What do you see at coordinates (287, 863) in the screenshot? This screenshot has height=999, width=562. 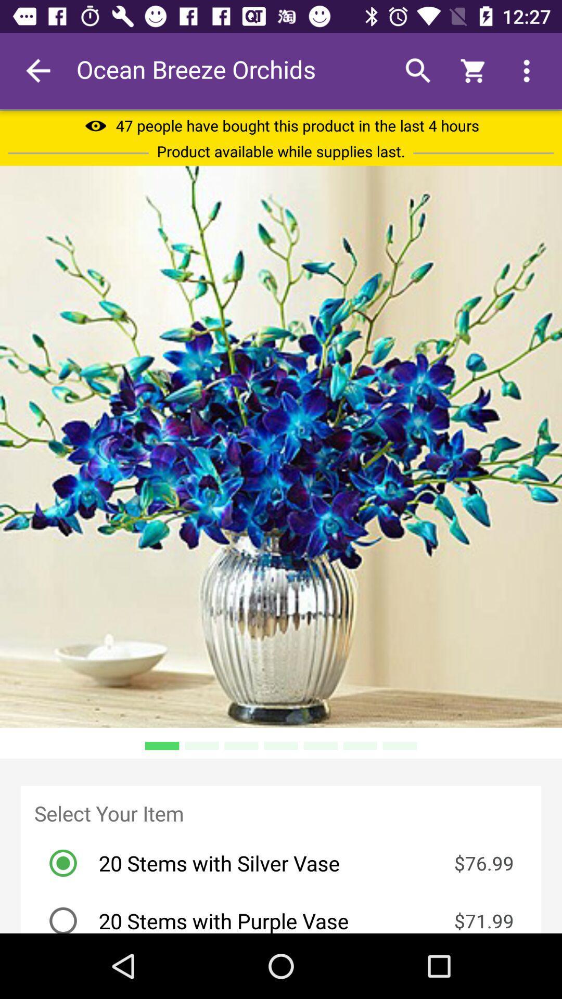 I see `the first radio button along with the two sentences next to it` at bounding box center [287, 863].